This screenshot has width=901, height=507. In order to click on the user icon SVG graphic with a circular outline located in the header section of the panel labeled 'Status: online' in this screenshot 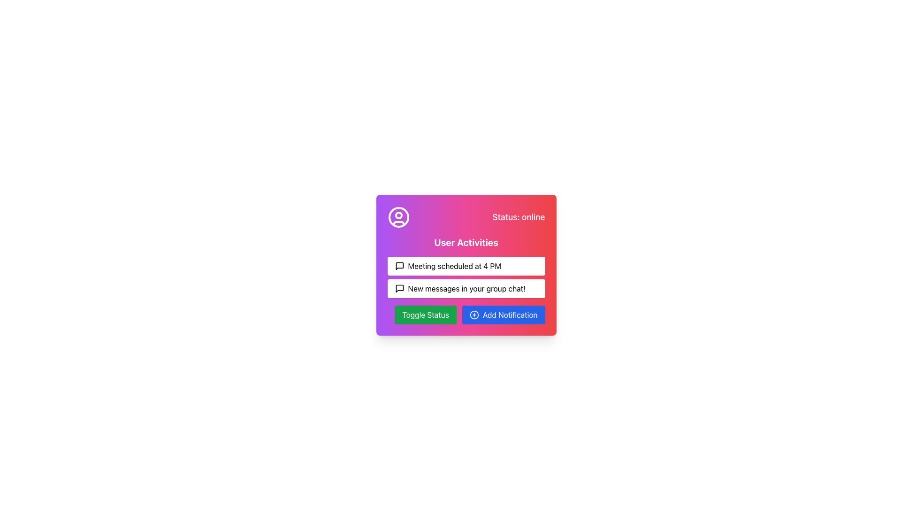, I will do `click(398, 217)`.